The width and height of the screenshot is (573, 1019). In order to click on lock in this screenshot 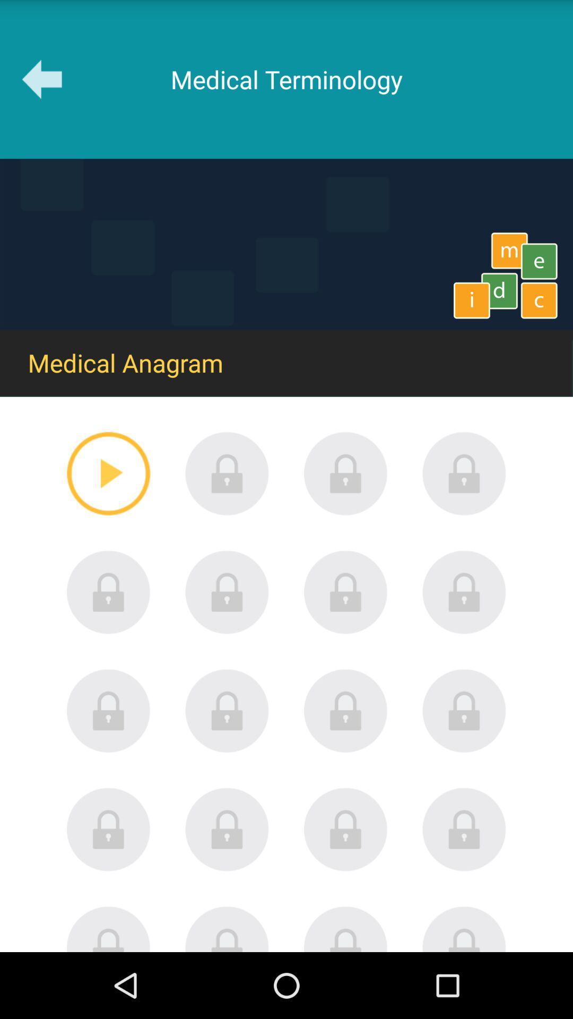, I will do `click(227, 829)`.